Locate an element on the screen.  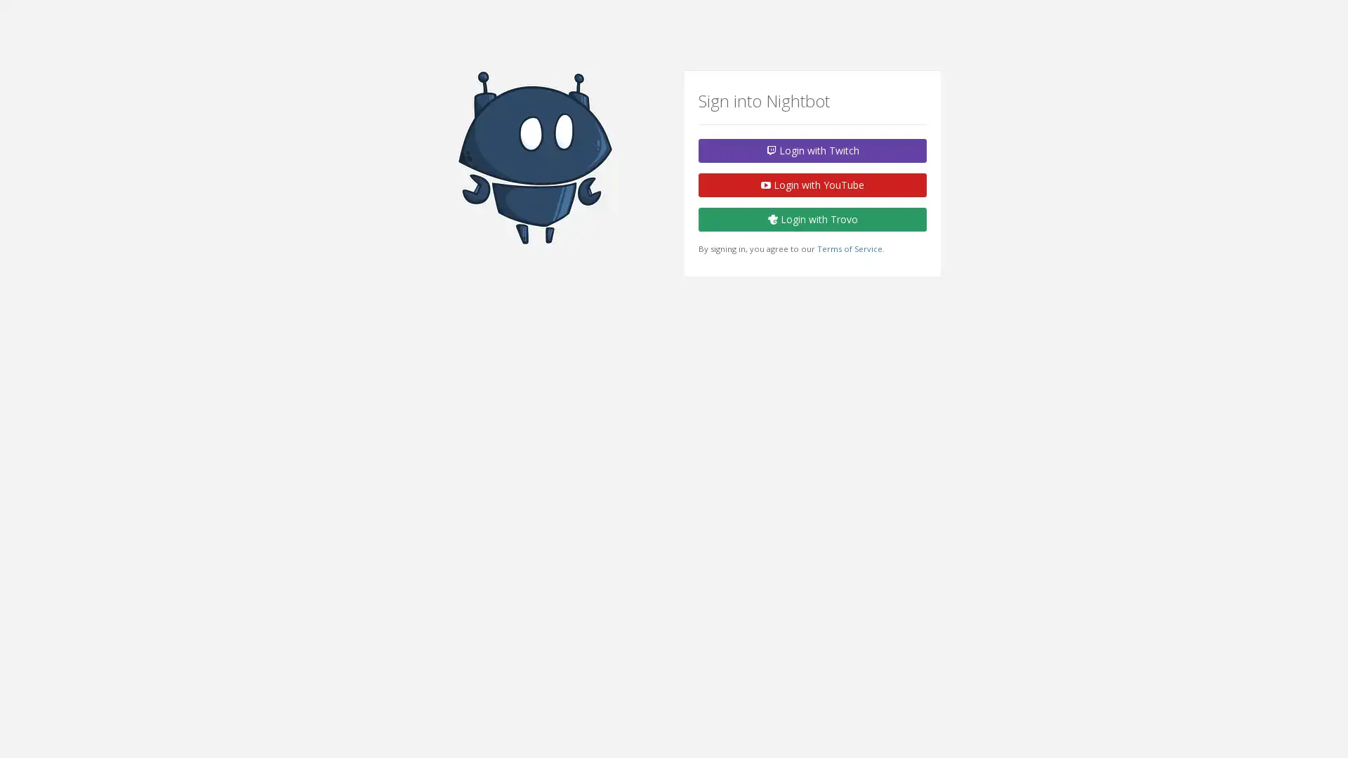
Login with Trovo is located at coordinates (812, 219).